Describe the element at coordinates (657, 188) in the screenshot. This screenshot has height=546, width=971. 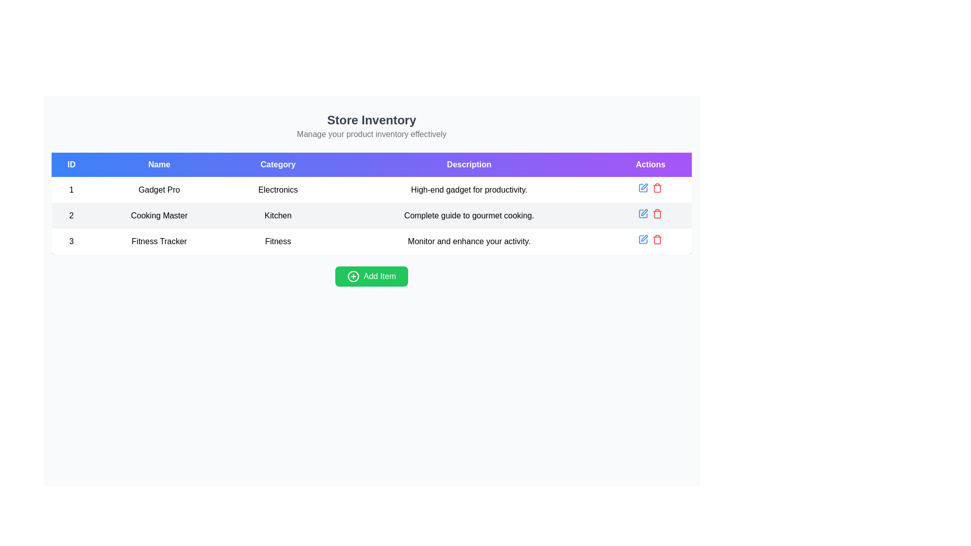
I see `the red trash bin icon in the 'Actions' column of the first row to invoke the delete action` at that location.